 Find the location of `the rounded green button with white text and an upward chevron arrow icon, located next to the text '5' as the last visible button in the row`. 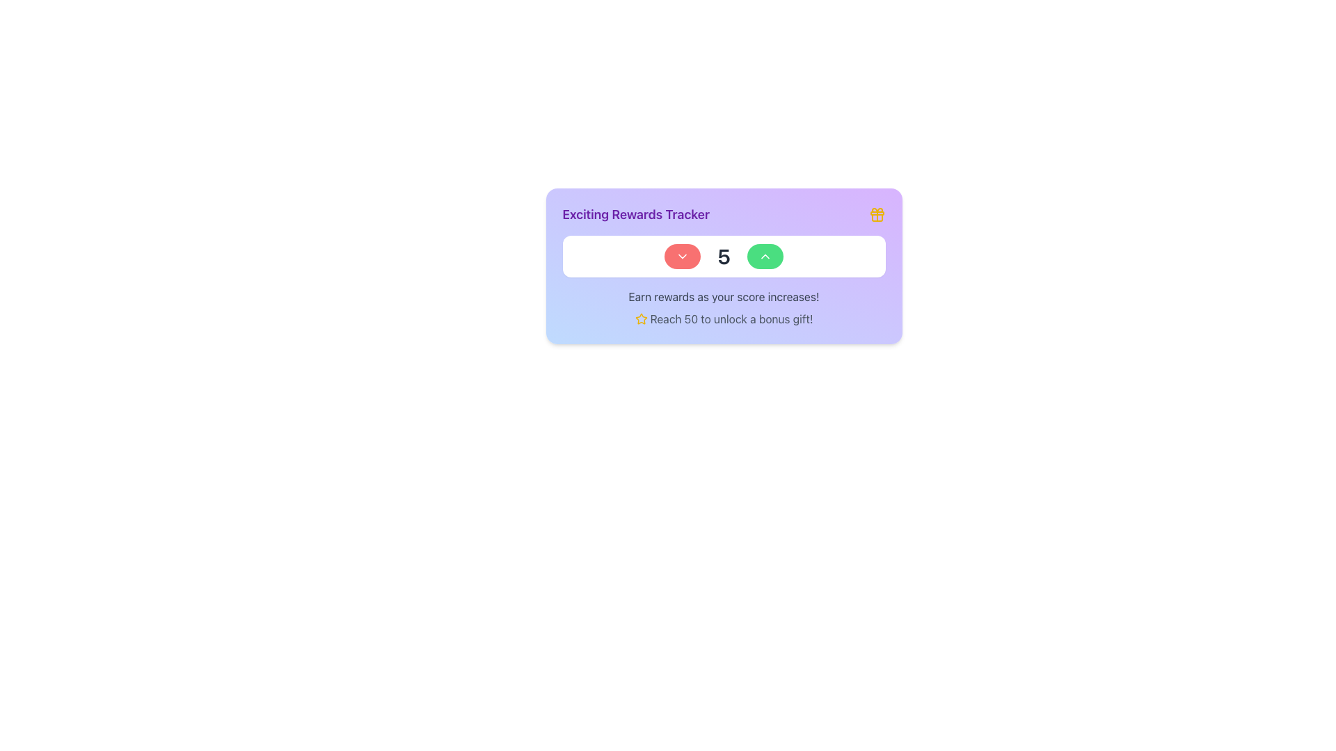

the rounded green button with white text and an upward chevron arrow icon, located next to the text '5' as the last visible button in the row is located at coordinates (764, 257).